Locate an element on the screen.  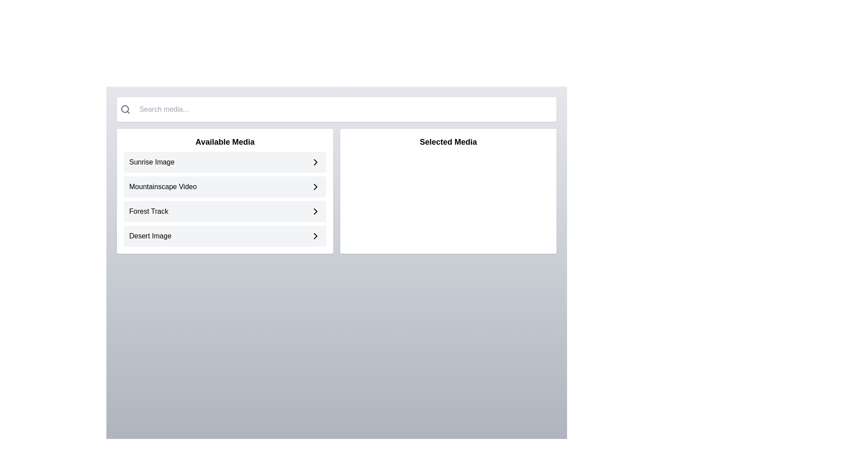
the rightward-pointing chevron icon, which is the last in a vertical list aligned with 'Desert Image' in the 'Available Media' section is located at coordinates (316, 235).